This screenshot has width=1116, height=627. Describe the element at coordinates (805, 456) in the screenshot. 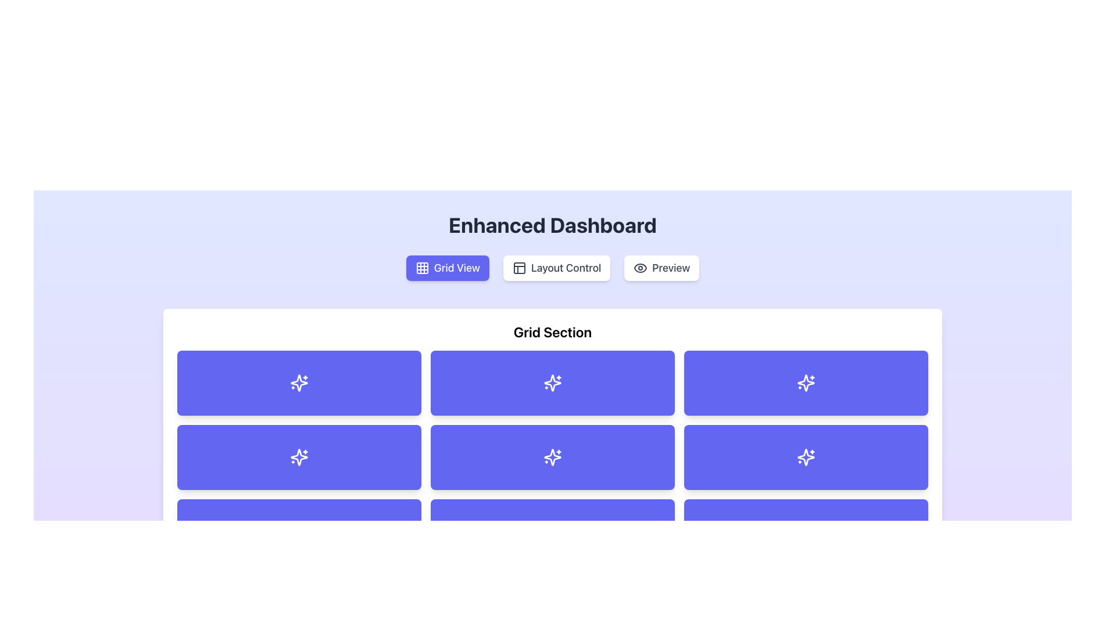

I see `the blue button with a sparkles-shaped icon located in the third column of the second row in the 'Grid Section'` at that location.